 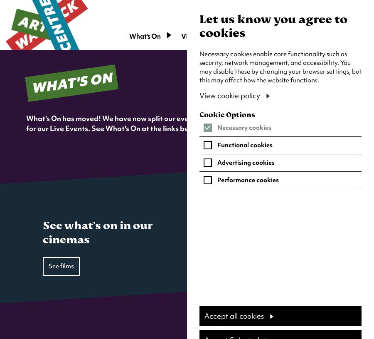 I want to click on 'Search', so click(x=288, y=9).